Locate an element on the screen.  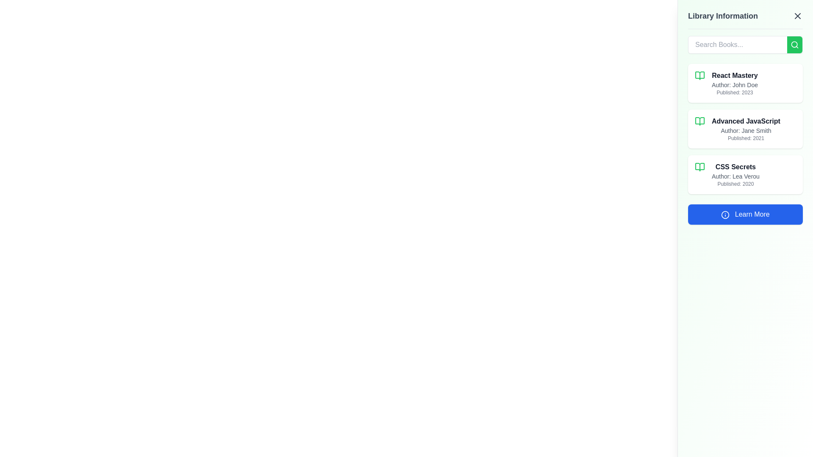
the text label displaying 'Published: 2020', which is styled in light gray and is positioned below 'Author: Lea Verou' within the 'CSS Secrets' book entry is located at coordinates (735, 184).